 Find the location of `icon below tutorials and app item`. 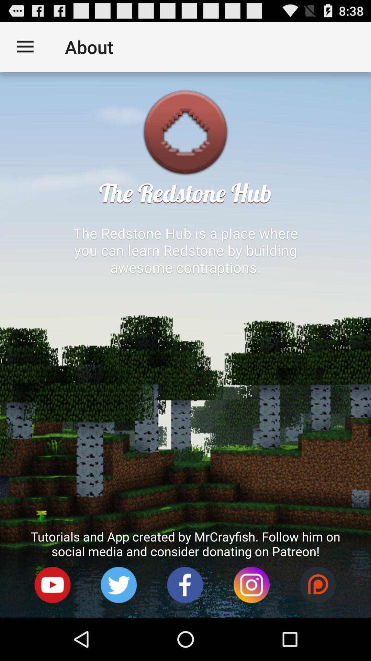

icon below tutorials and app item is located at coordinates (251, 585).